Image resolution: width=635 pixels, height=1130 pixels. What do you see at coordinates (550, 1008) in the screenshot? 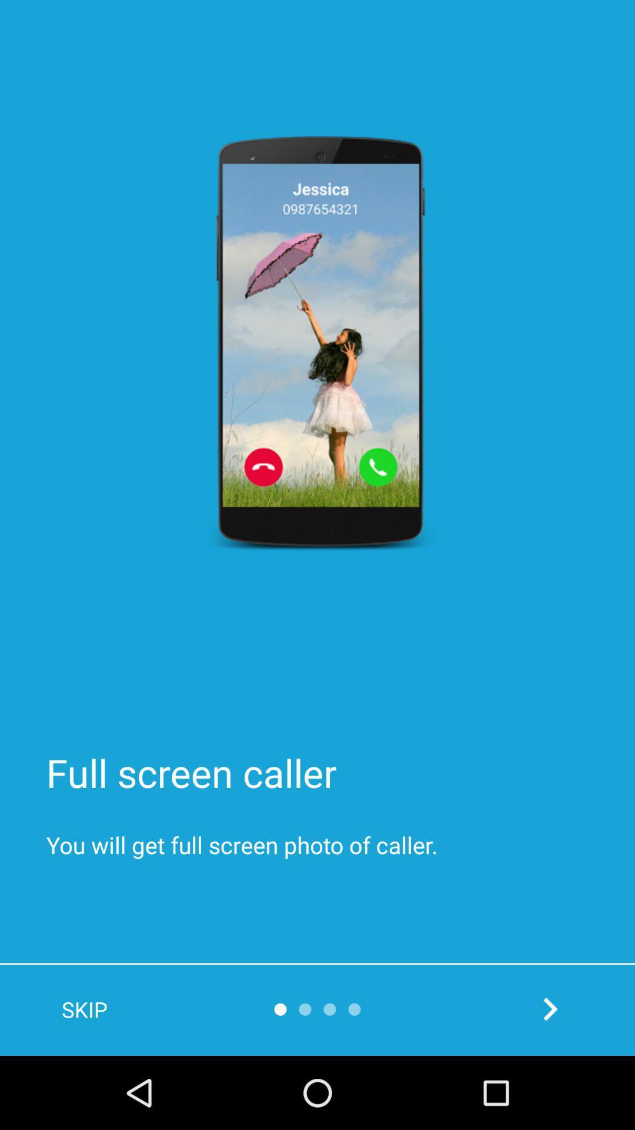
I see `next` at bounding box center [550, 1008].